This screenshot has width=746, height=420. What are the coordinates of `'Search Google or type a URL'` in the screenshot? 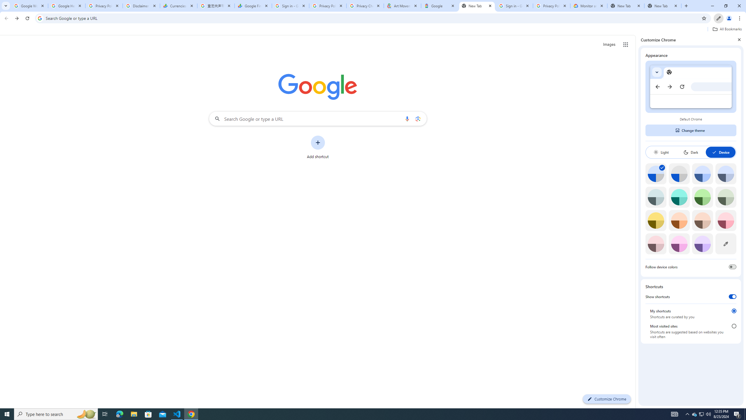 It's located at (317, 118).